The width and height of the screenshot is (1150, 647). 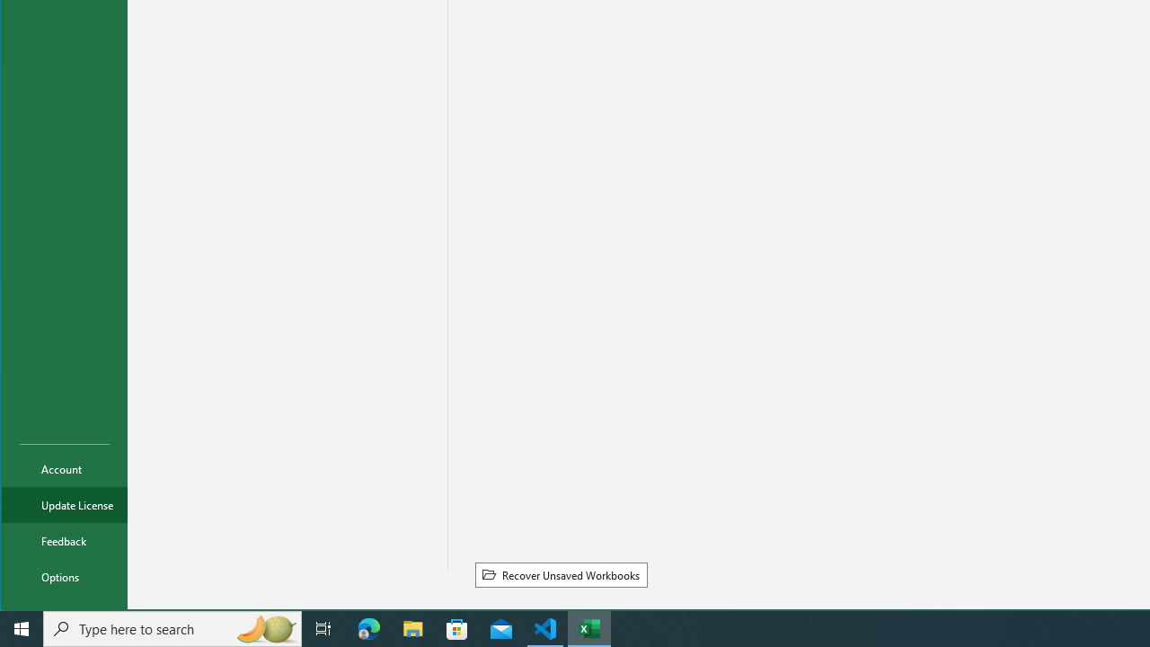 I want to click on 'Update License', so click(x=65, y=504).